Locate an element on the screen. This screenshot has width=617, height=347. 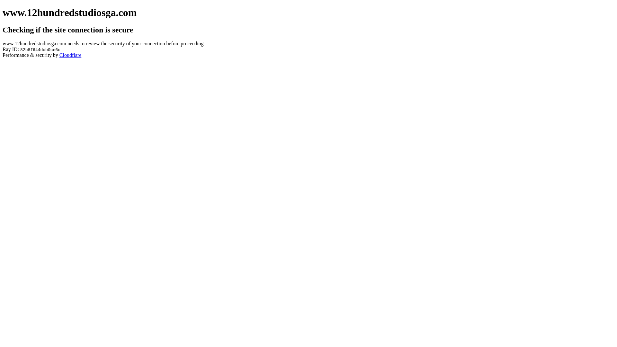
'Cloudflare' is located at coordinates (70, 55).